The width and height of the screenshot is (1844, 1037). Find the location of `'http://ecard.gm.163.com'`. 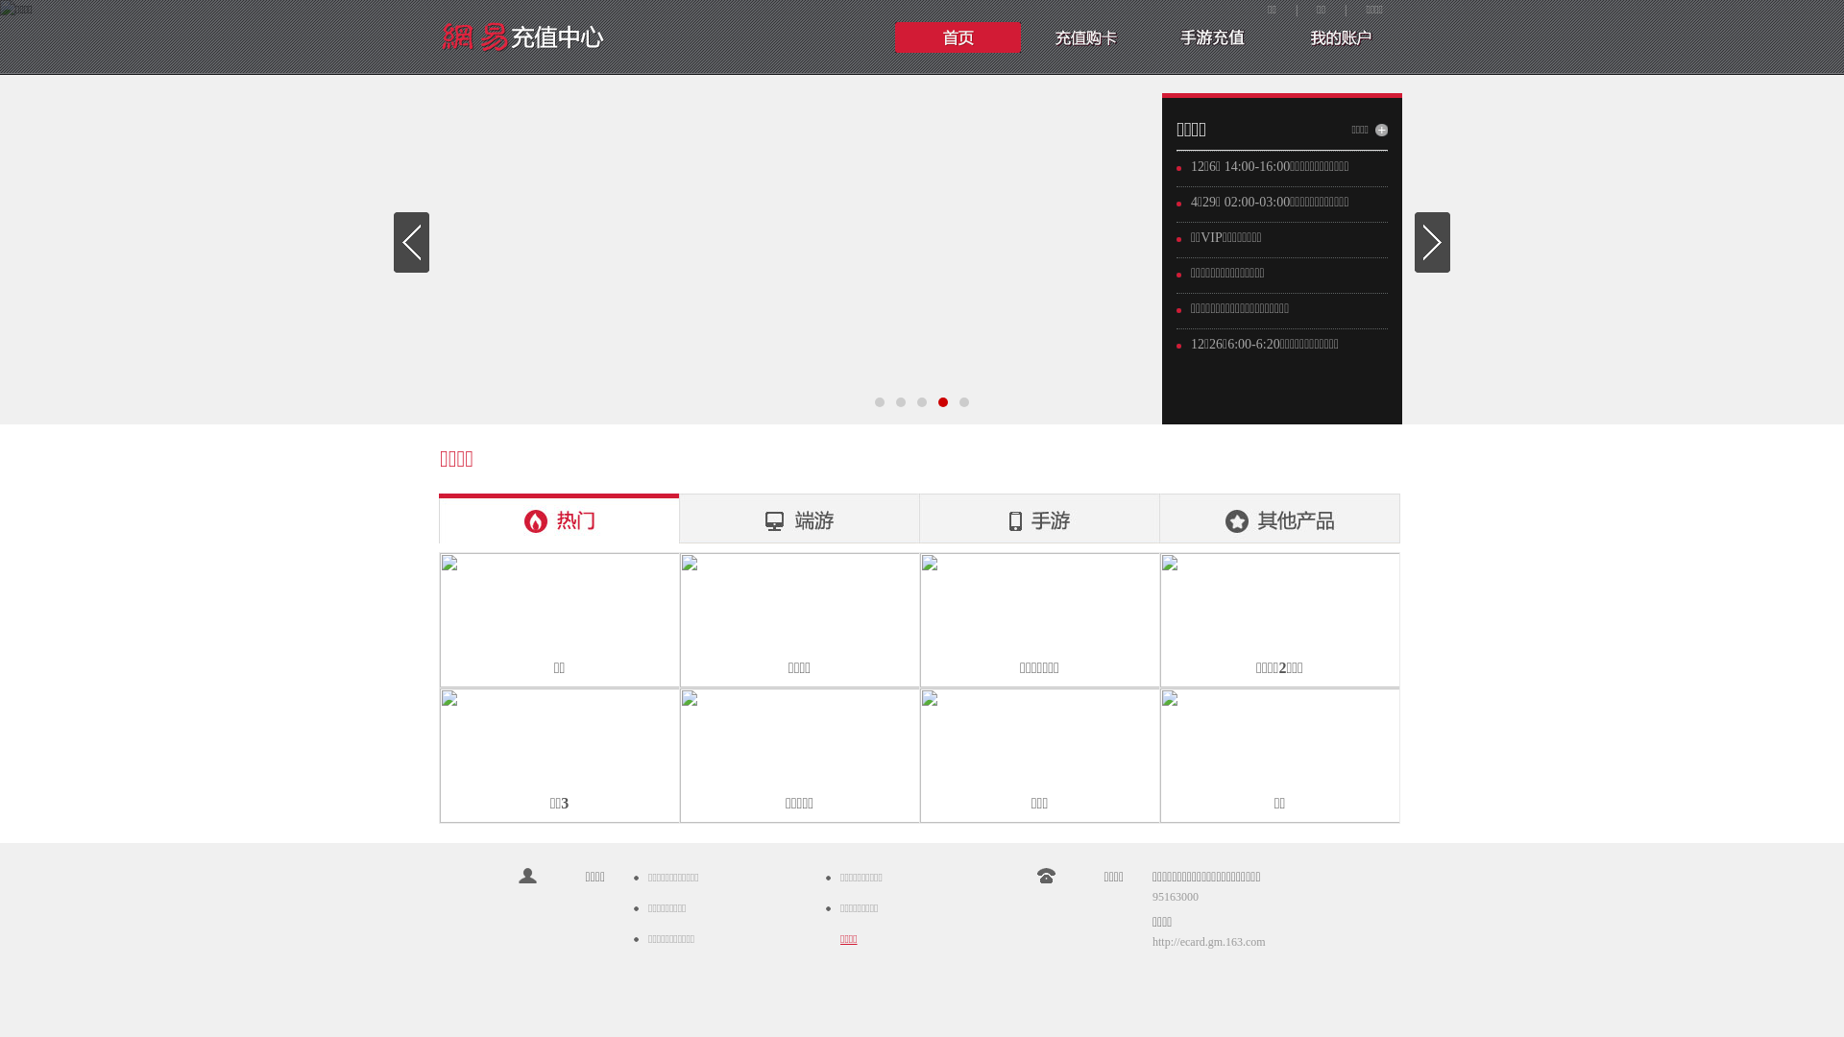

'http://ecard.gm.163.com' is located at coordinates (1207, 940).